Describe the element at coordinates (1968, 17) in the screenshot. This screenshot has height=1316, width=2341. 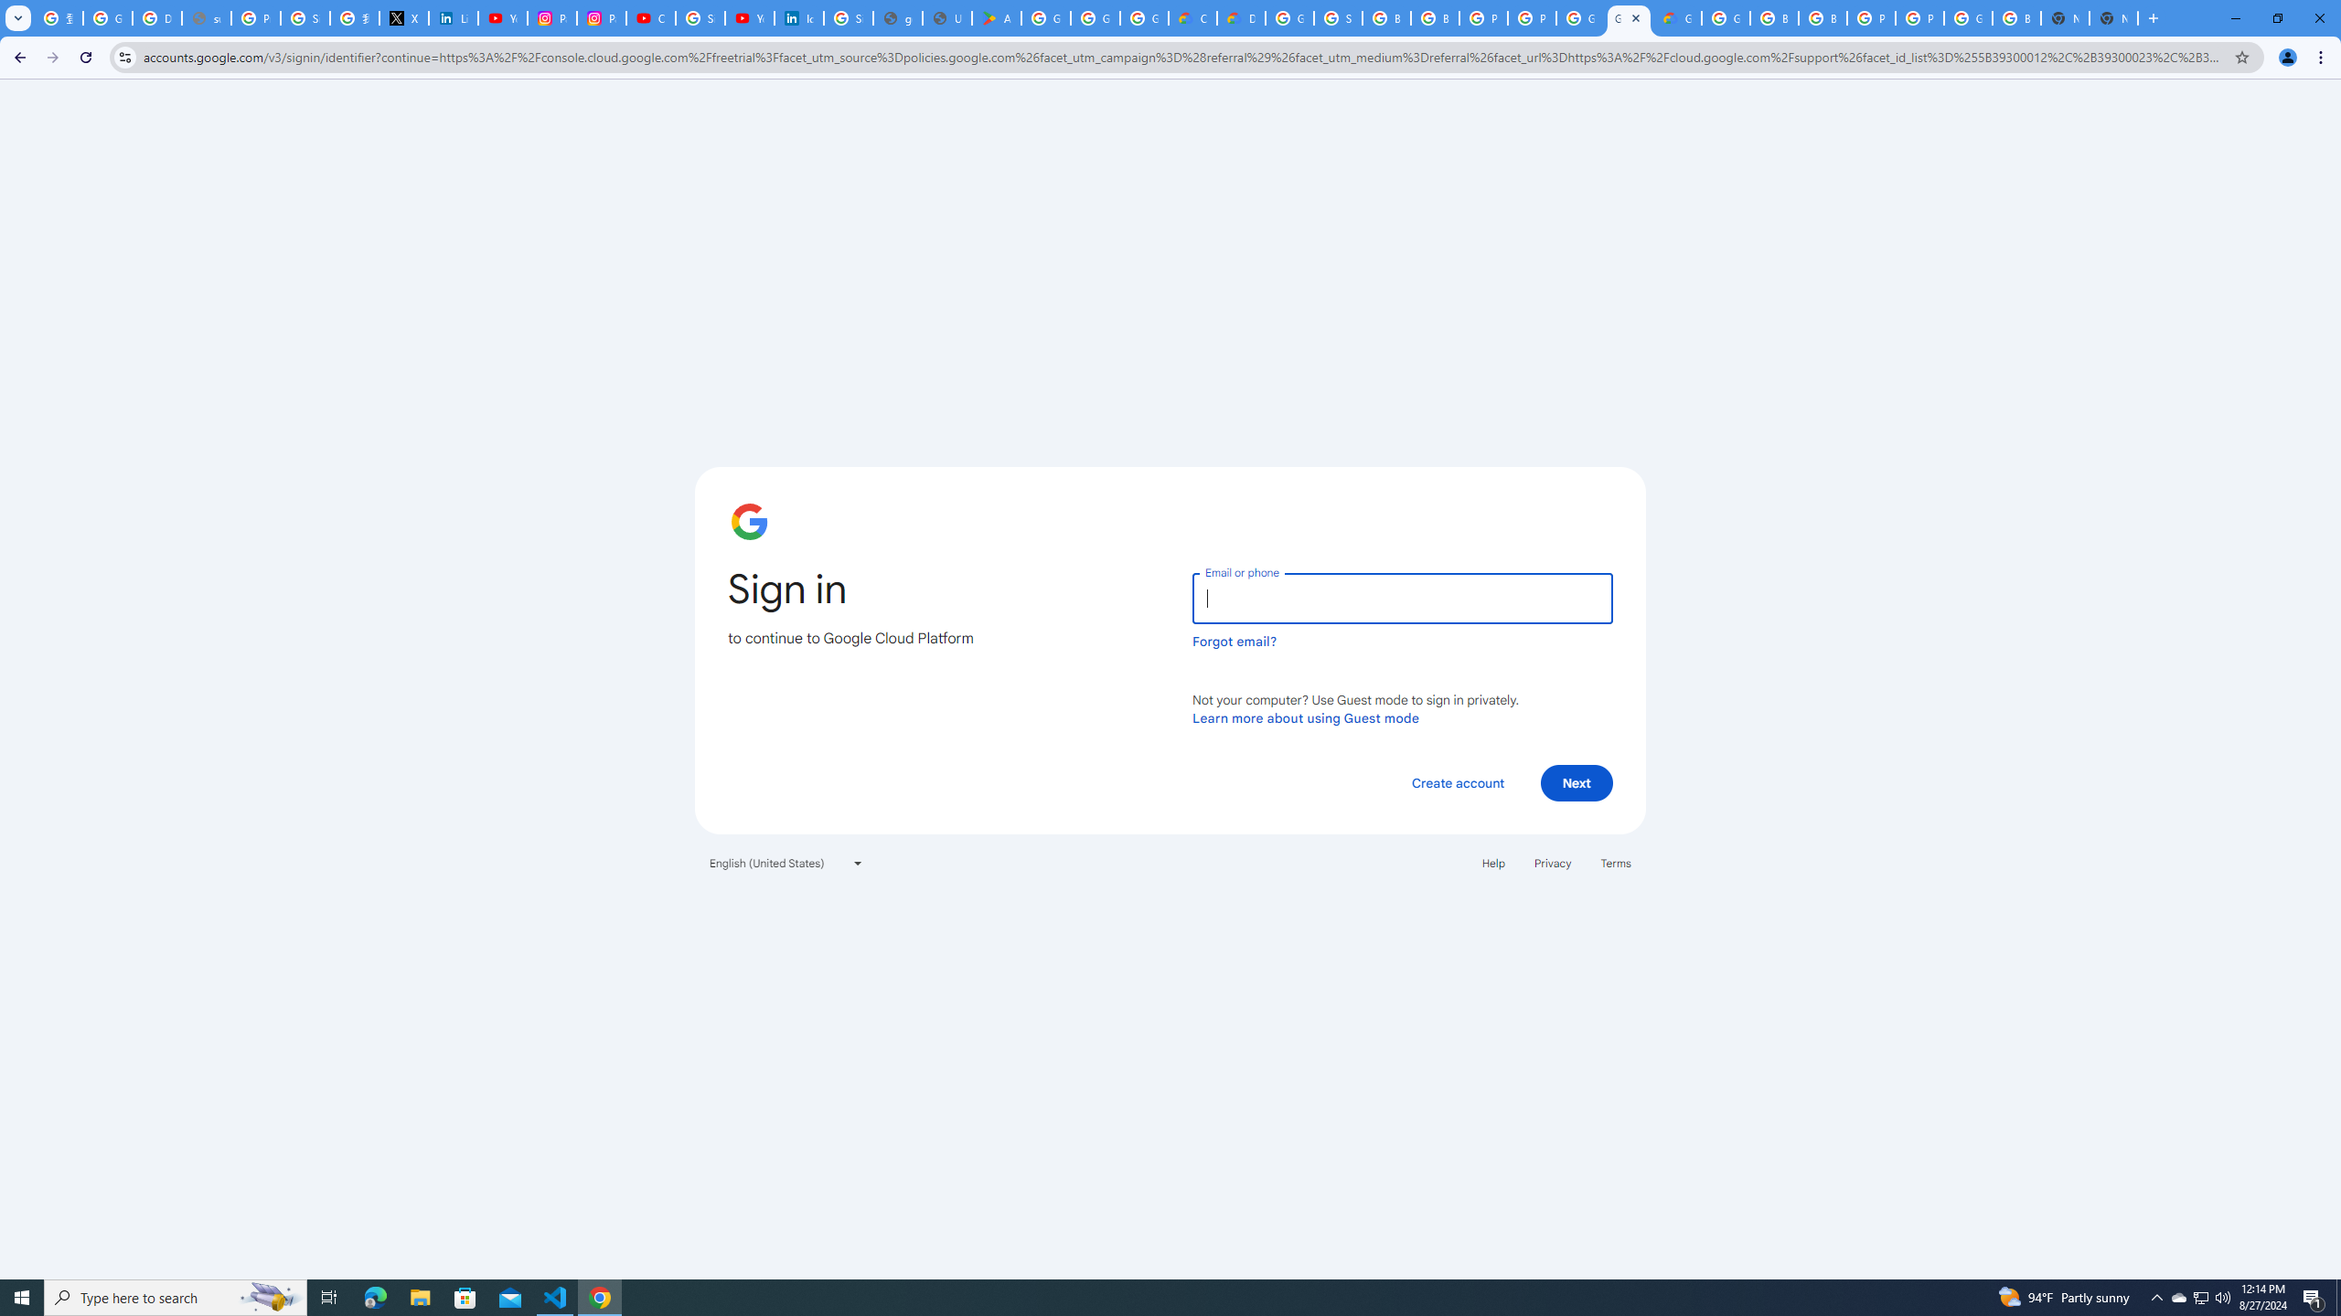
I see `'Google Cloud Platform'` at that location.